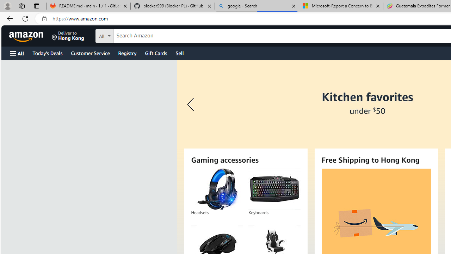  I want to click on 'Keyboards', so click(274, 189).